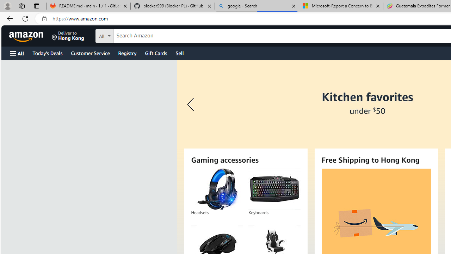  I want to click on 'Keyboards', so click(274, 189).